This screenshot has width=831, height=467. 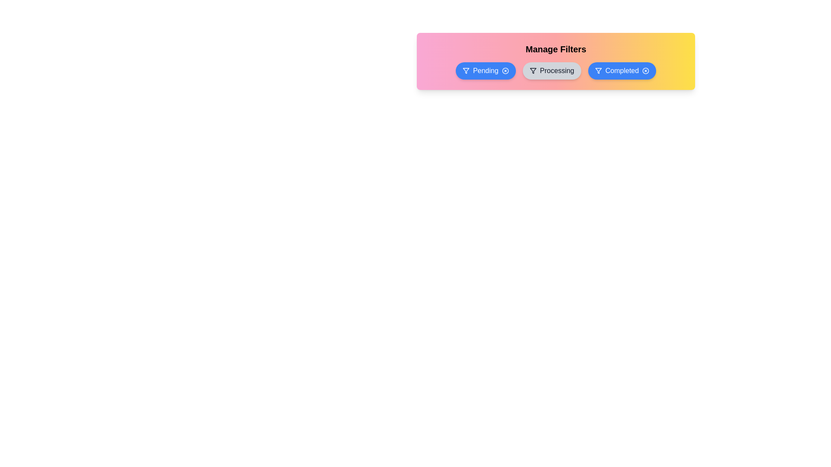 What do you see at coordinates (551, 70) in the screenshot?
I see `the filter Processing to observe the hover effect` at bounding box center [551, 70].